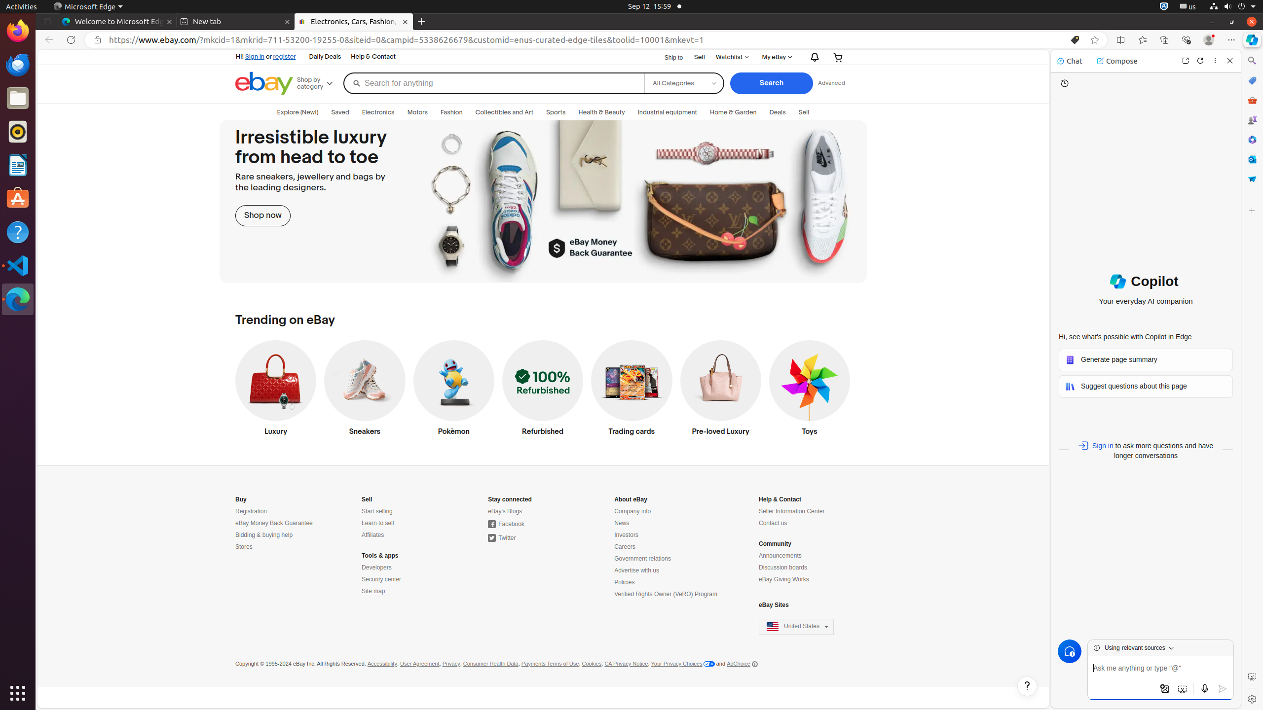  Describe the element at coordinates (382, 663) in the screenshot. I see `'Accessibility'` at that location.